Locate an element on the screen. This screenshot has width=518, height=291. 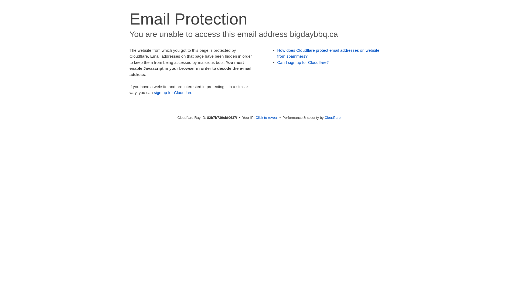
'Cloudflare' is located at coordinates (332, 117).